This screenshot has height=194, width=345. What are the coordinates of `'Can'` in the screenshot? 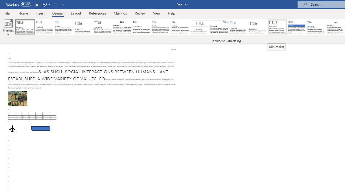 It's located at (55, 4).